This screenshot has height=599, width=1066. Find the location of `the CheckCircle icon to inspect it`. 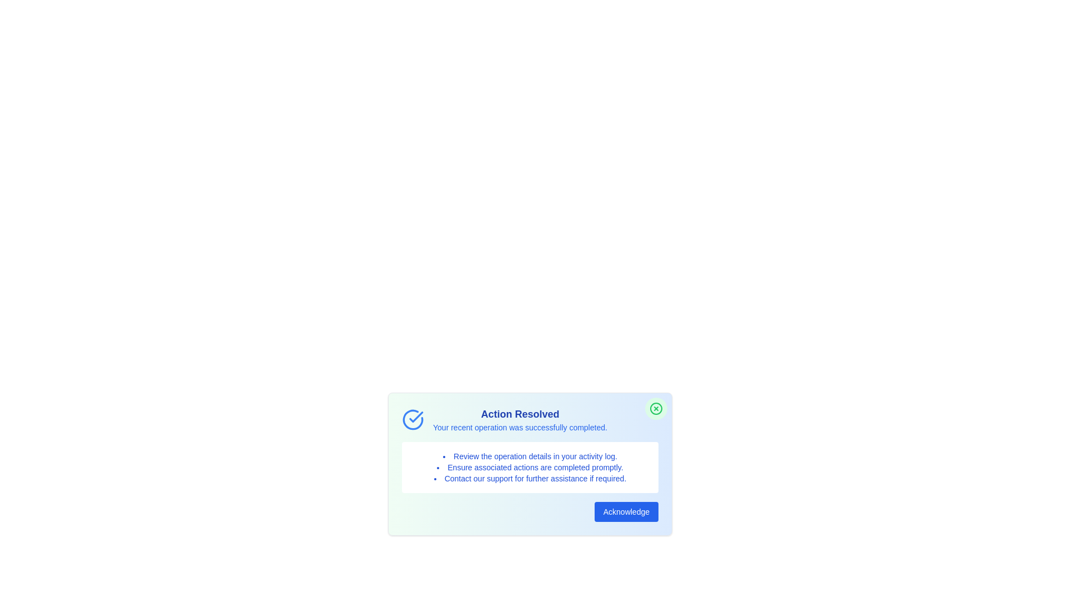

the CheckCircle icon to inspect it is located at coordinates (413, 419).